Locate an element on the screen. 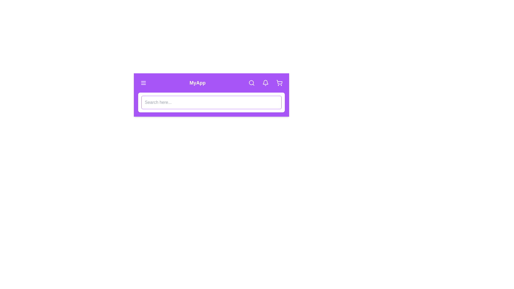 This screenshot has width=514, height=289. shopping cart icon in the app bar is located at coordinates (279, 83).